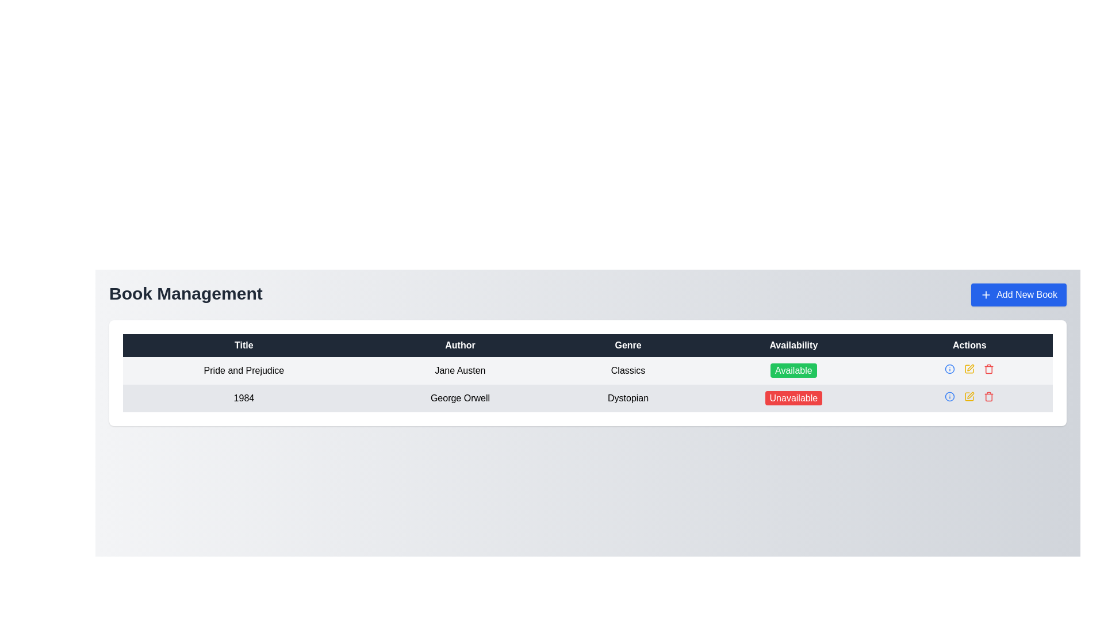 Image resolution: width=1104 pixels, height=621 pixels. I want to click on the yellow pencil icon located in the 'Actions' column of the last row to initiate editing, so click(969, 396).